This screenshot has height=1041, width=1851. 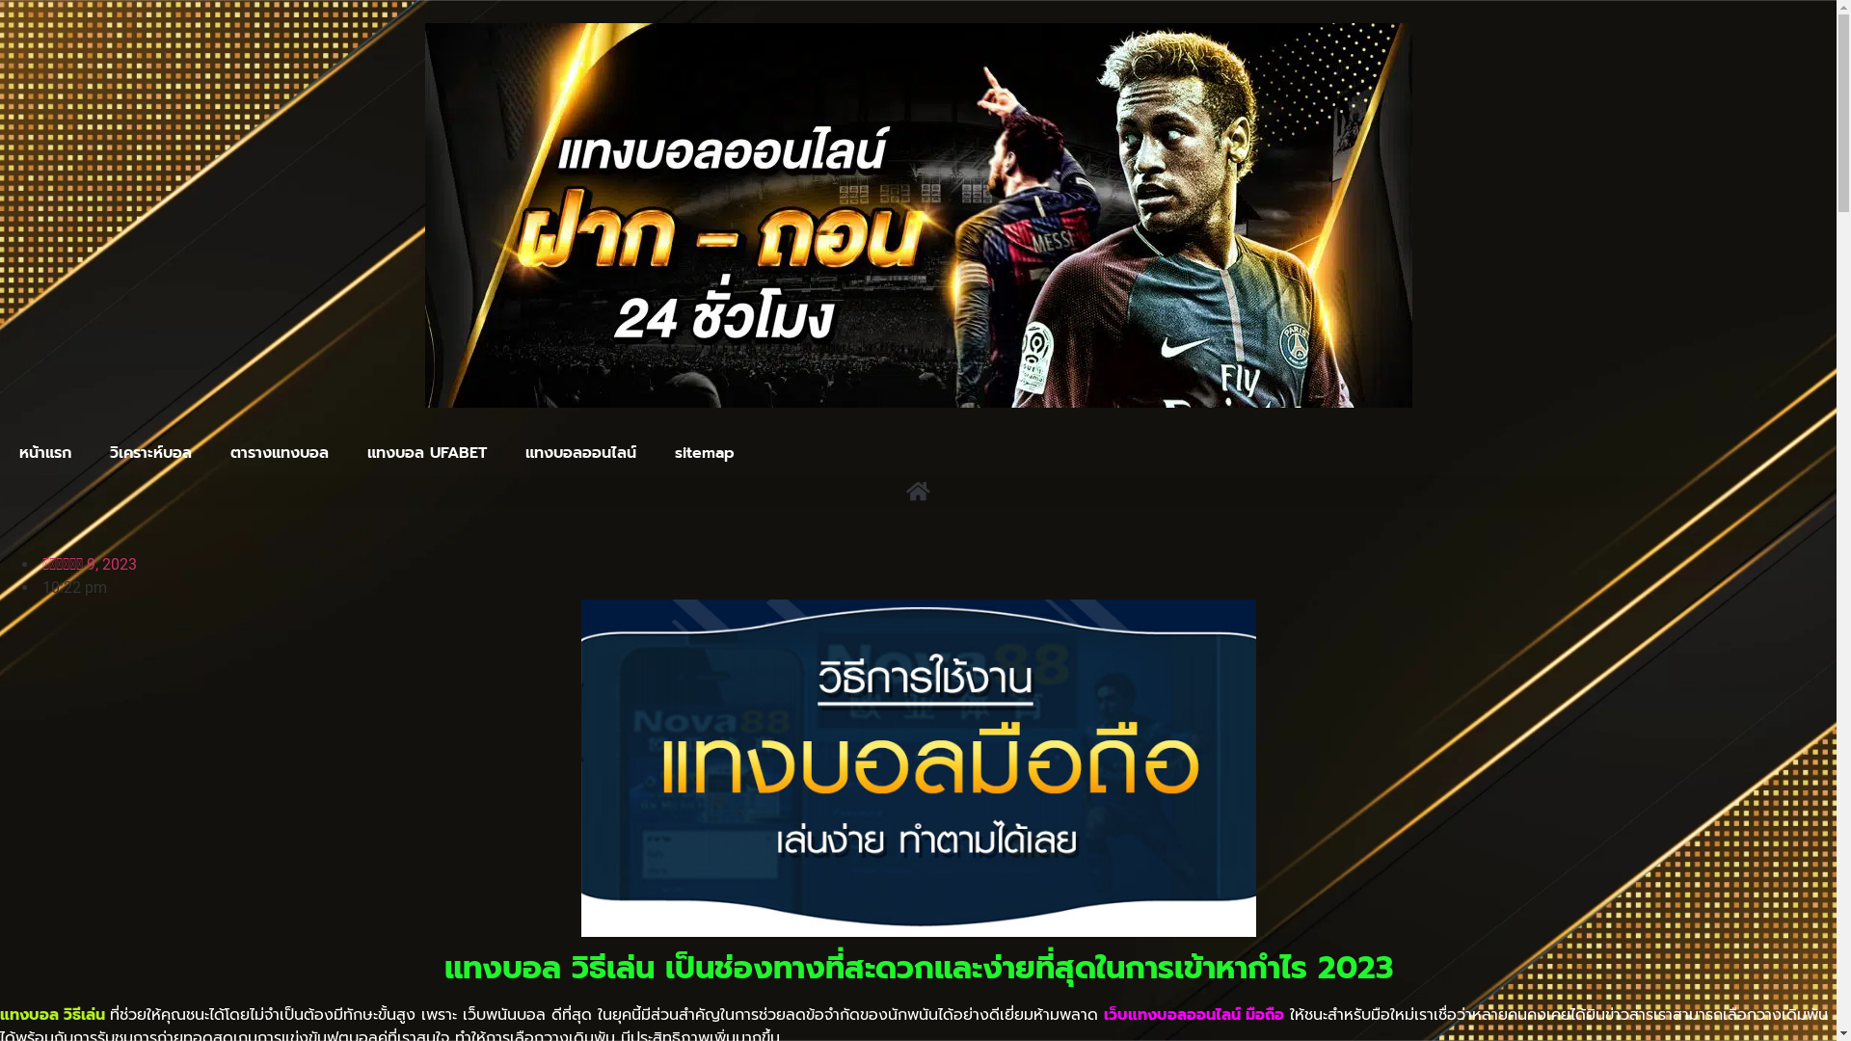 I want to click on 'sitemap', so click(x=703, y=453).